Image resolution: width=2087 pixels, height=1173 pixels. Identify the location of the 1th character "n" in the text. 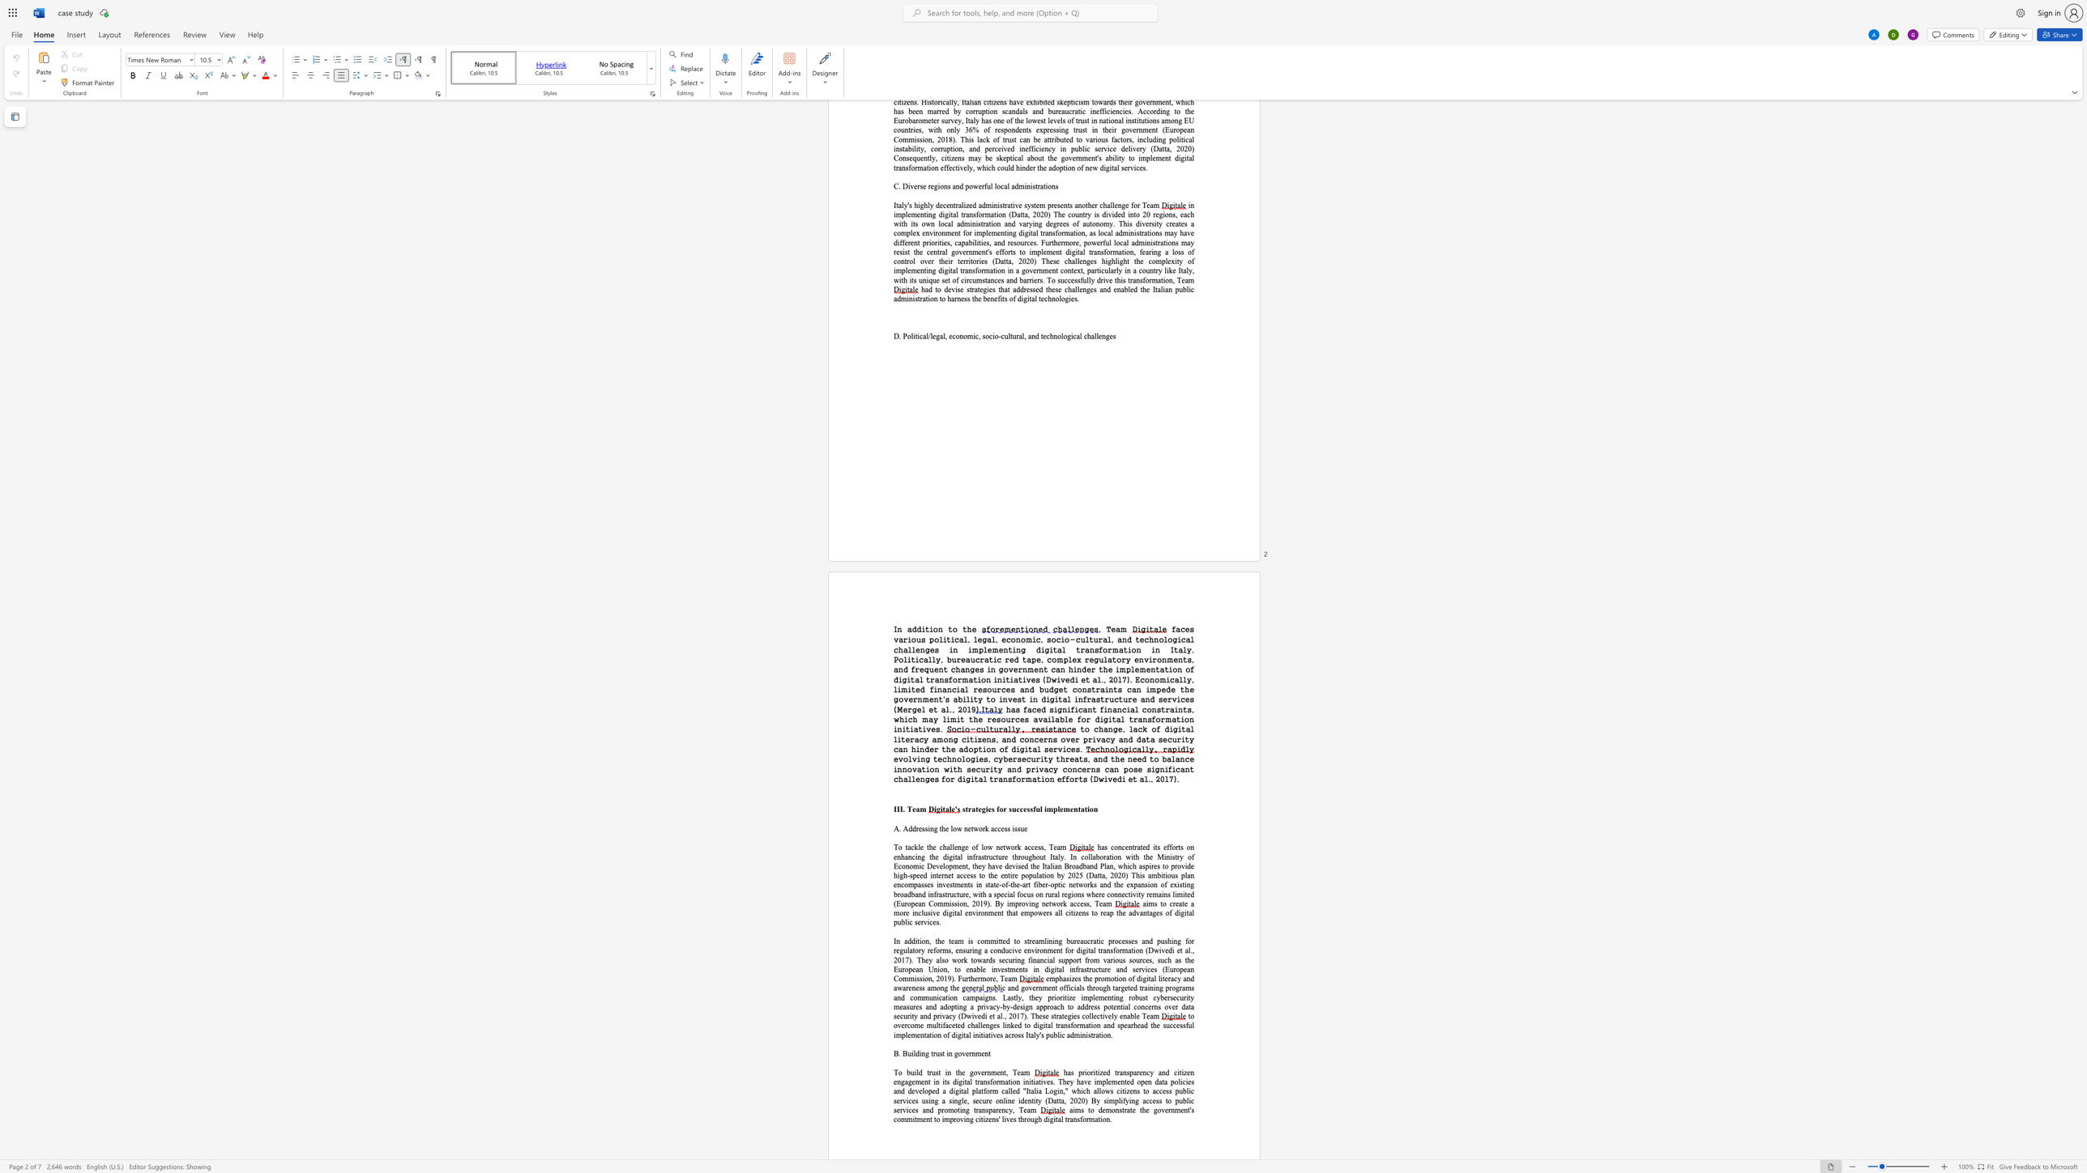
(1116, 1109).